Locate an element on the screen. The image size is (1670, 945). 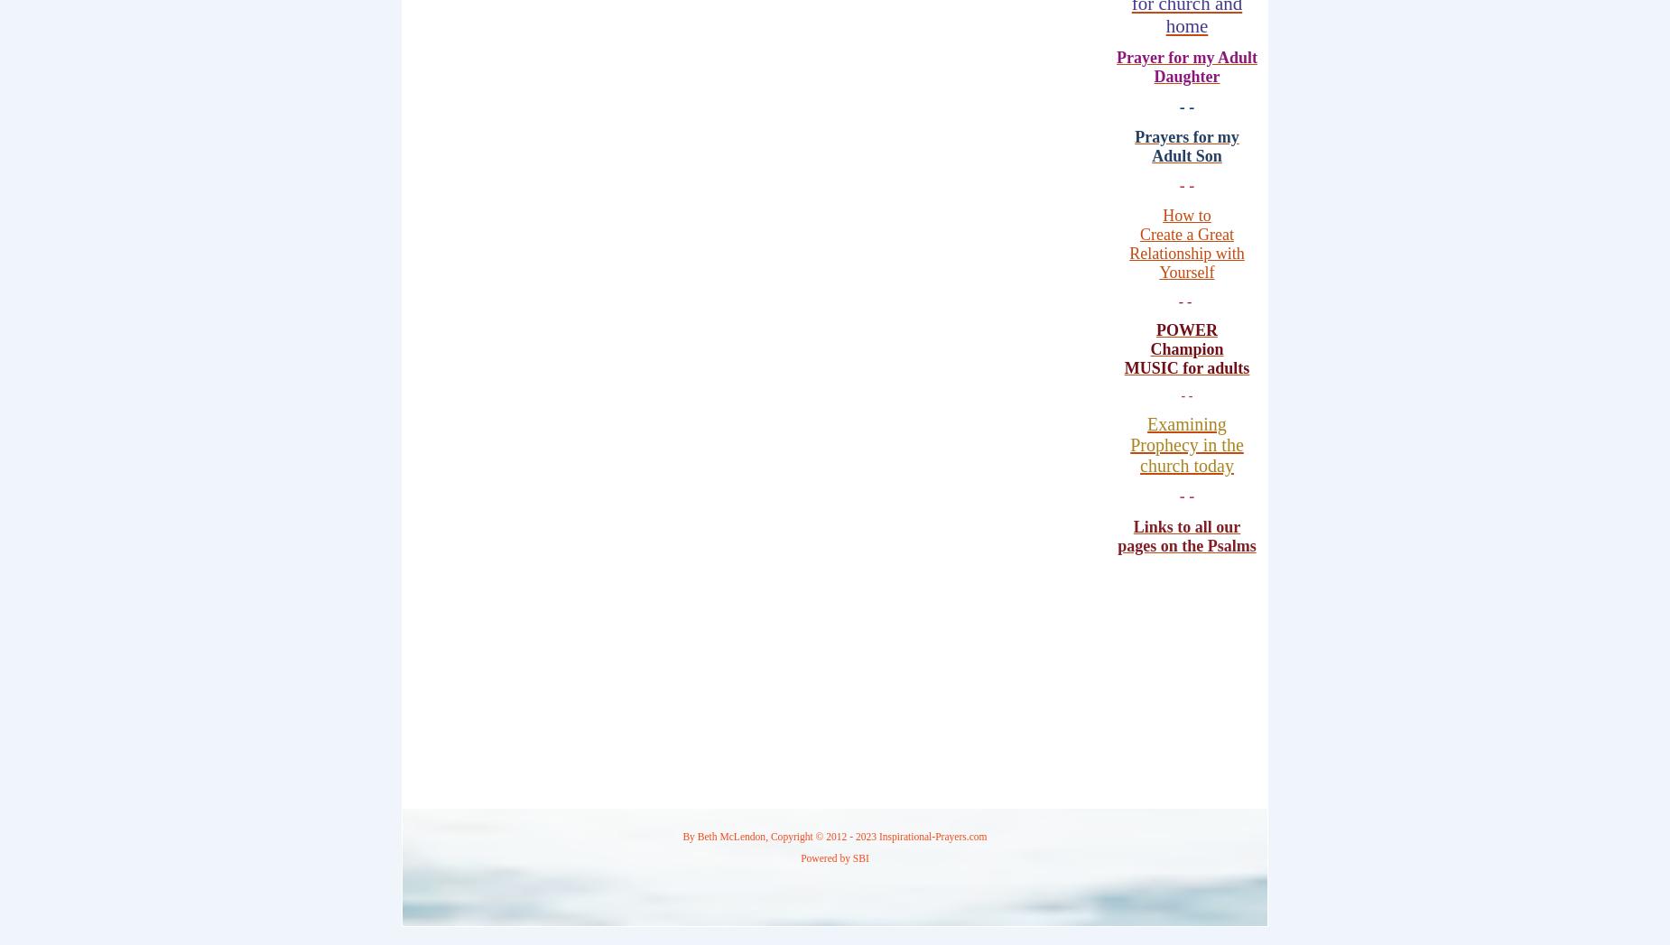
'MUSIC for adults' is located at coordinates (1185, 366).